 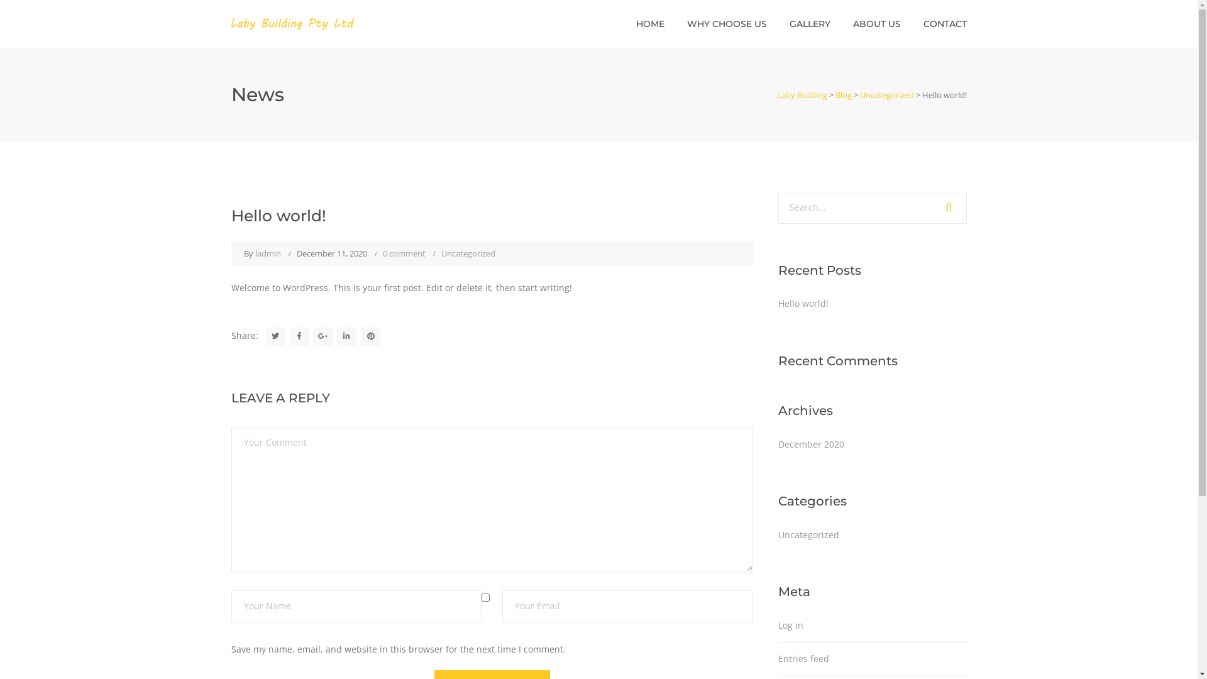 I want to click on 'Uncategorized', so click(x=808, y=535).